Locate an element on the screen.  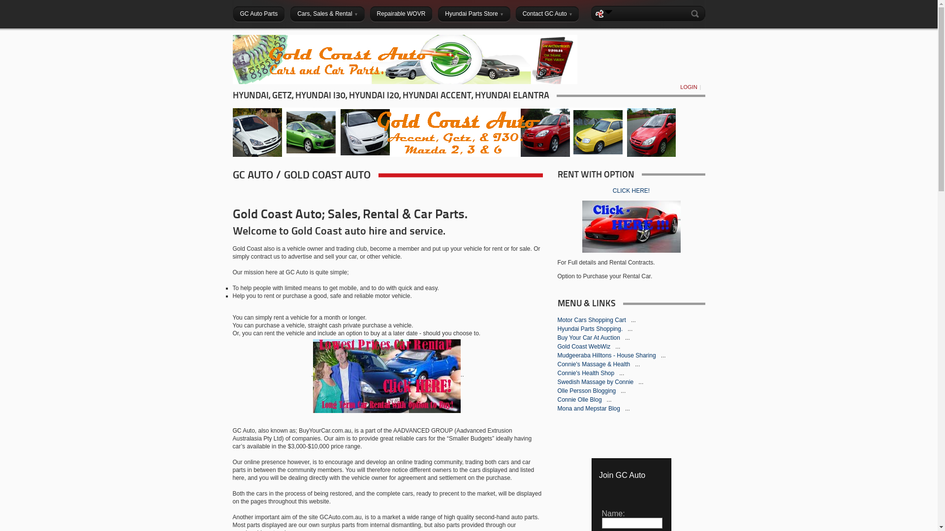
'Rental & Options' is located at coordinates (386, 375).